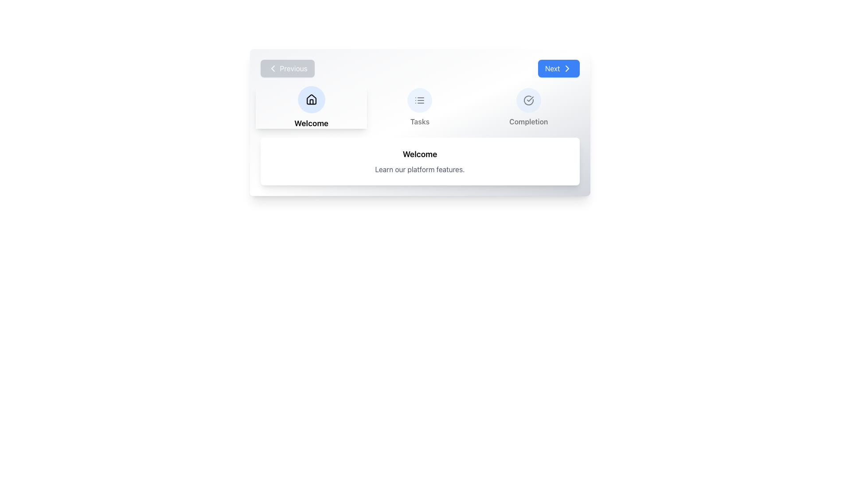 Image resolution: width=851 pixels, height=478 pixels. What do you see at coordinates (311, 100) in the screenshot?
I see `the house icon representing the 'Welcome' section of the navigation bar, which is styled with a vector-based outline and positioned within a circular blue background` at bounding box center [311, 100].